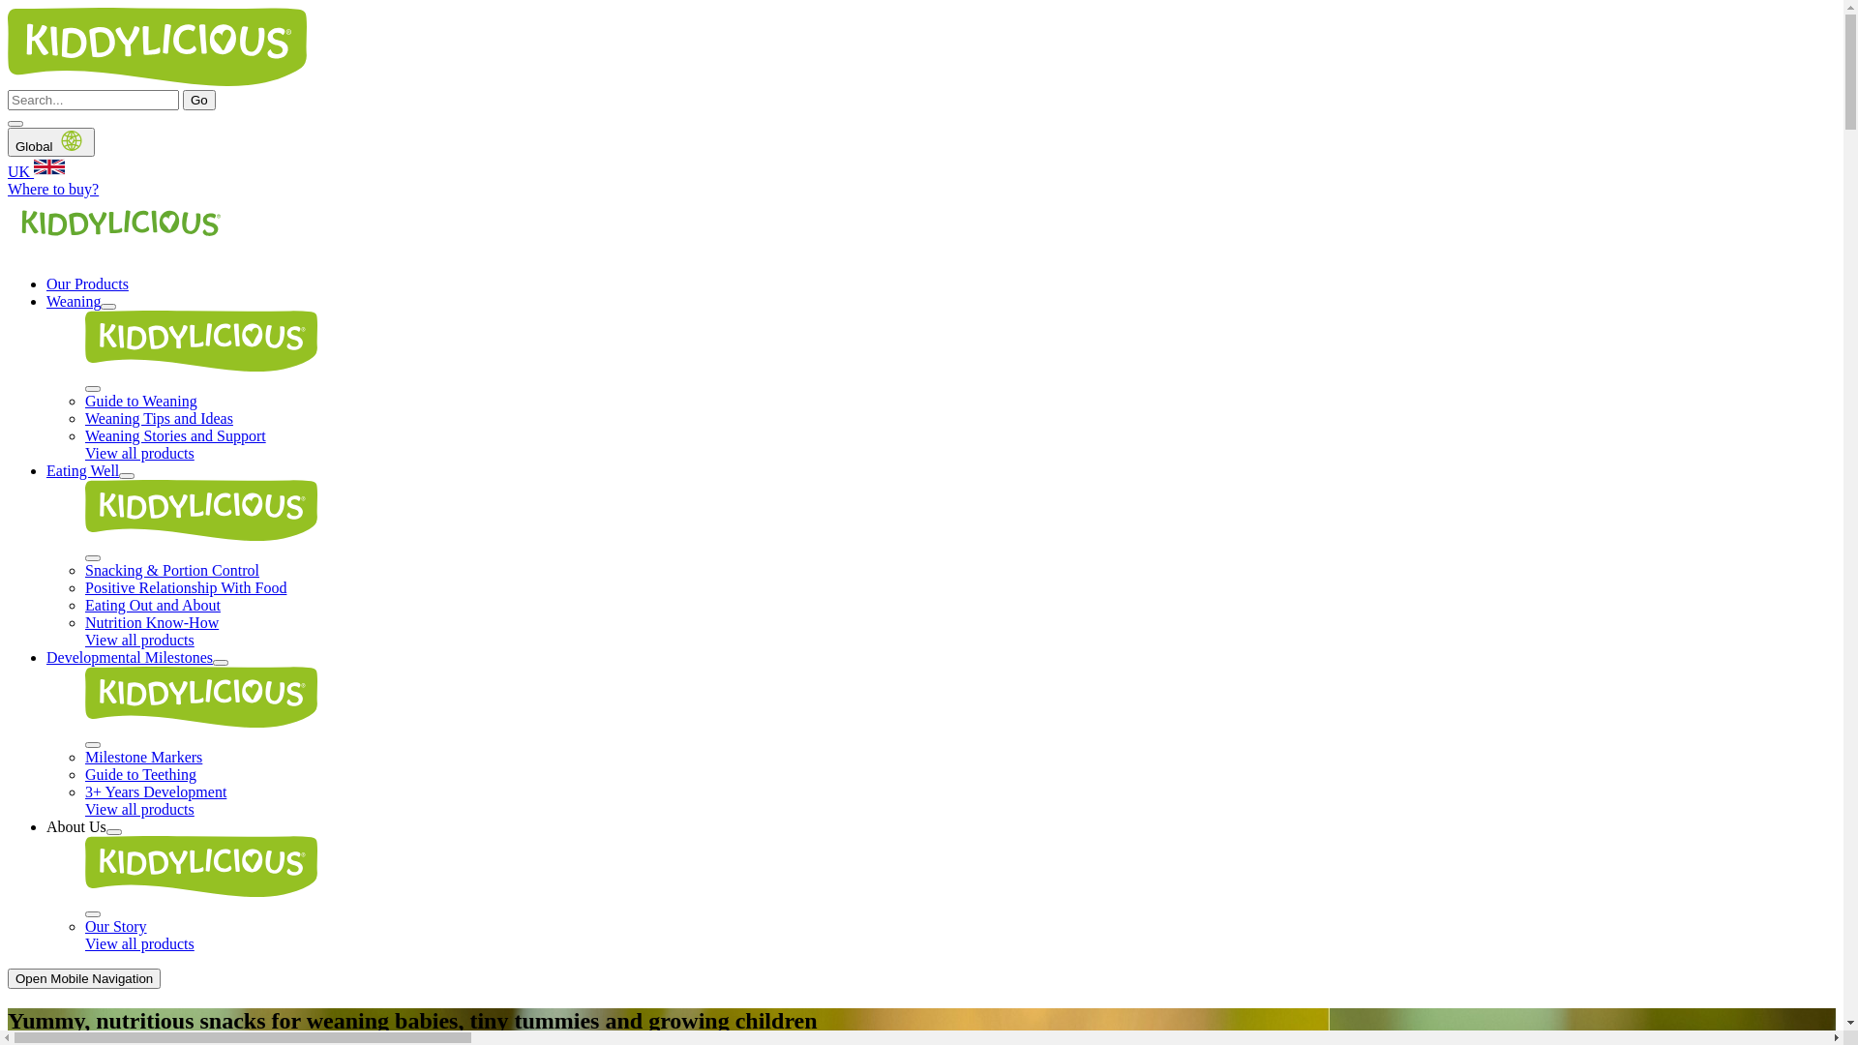 This screenshot has width=1858, height=1045. I want to click on 'Global', so click(50, 140).